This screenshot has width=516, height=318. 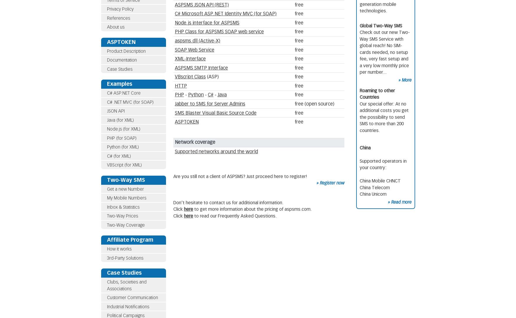 What do you see at coordinates (197, 40) in the screenshot?
I see `'aspsms.dll (Active-X)'` at bounding box center [197, 40].